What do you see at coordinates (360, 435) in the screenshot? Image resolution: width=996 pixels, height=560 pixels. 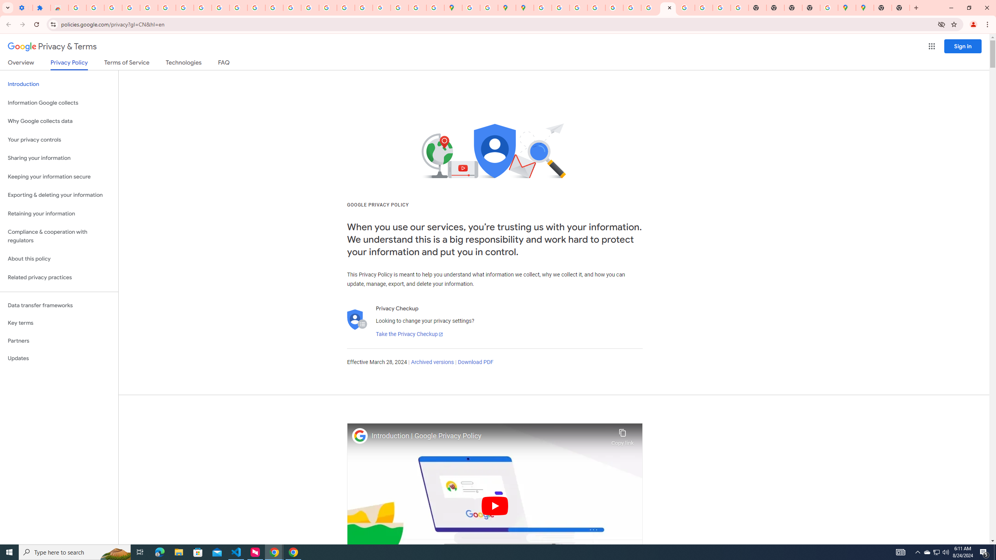 I see `'Photo image of Google'` at bounding box center [360, 435].